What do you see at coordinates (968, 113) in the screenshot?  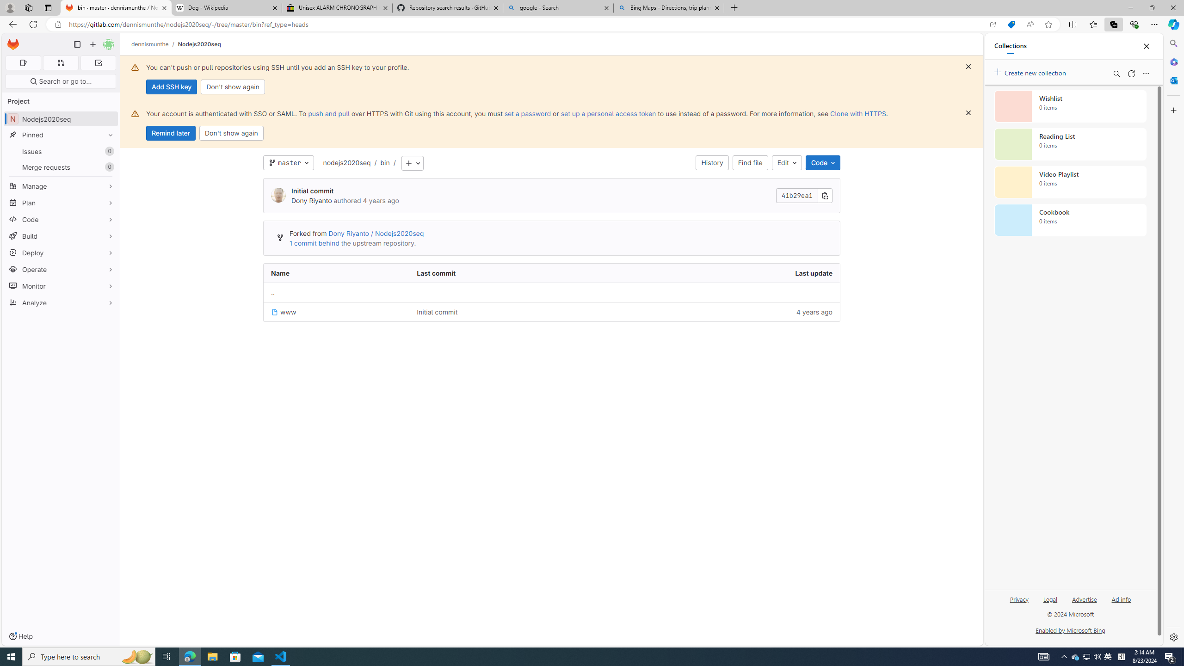 I see `'Dismiss'` at bounding box center [968, 113].